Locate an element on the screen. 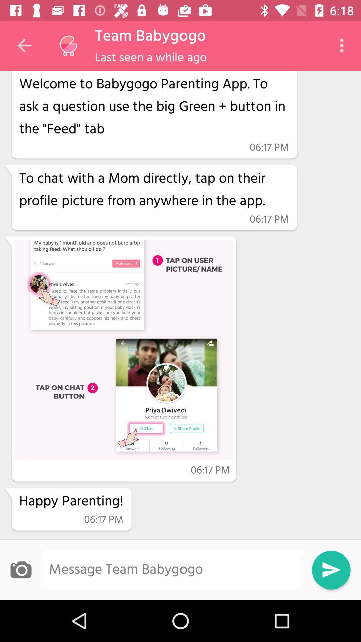  the icon to the left of the team babygogo icon is located at coordinates (68, 45).